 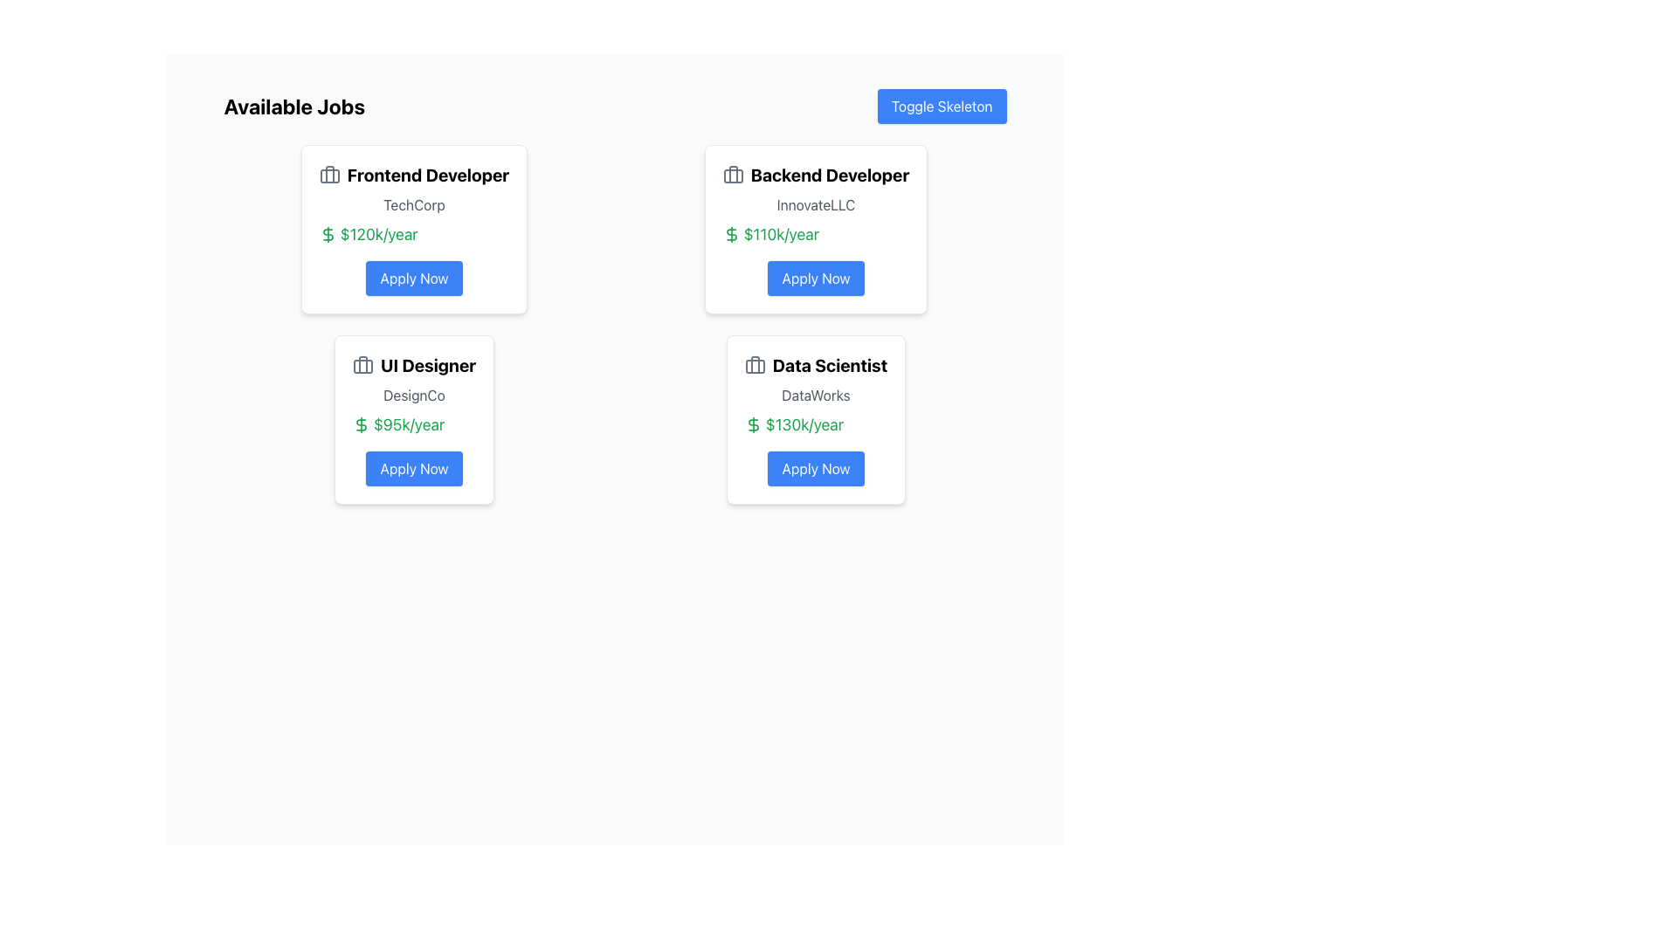 What do you see at coordinates (413, 420) in the screenshot?
I see `the Job Listing Card for the position 'UI Designer' at 'DesignCo' to trigger potential effects` at bounding box center [413, 420].